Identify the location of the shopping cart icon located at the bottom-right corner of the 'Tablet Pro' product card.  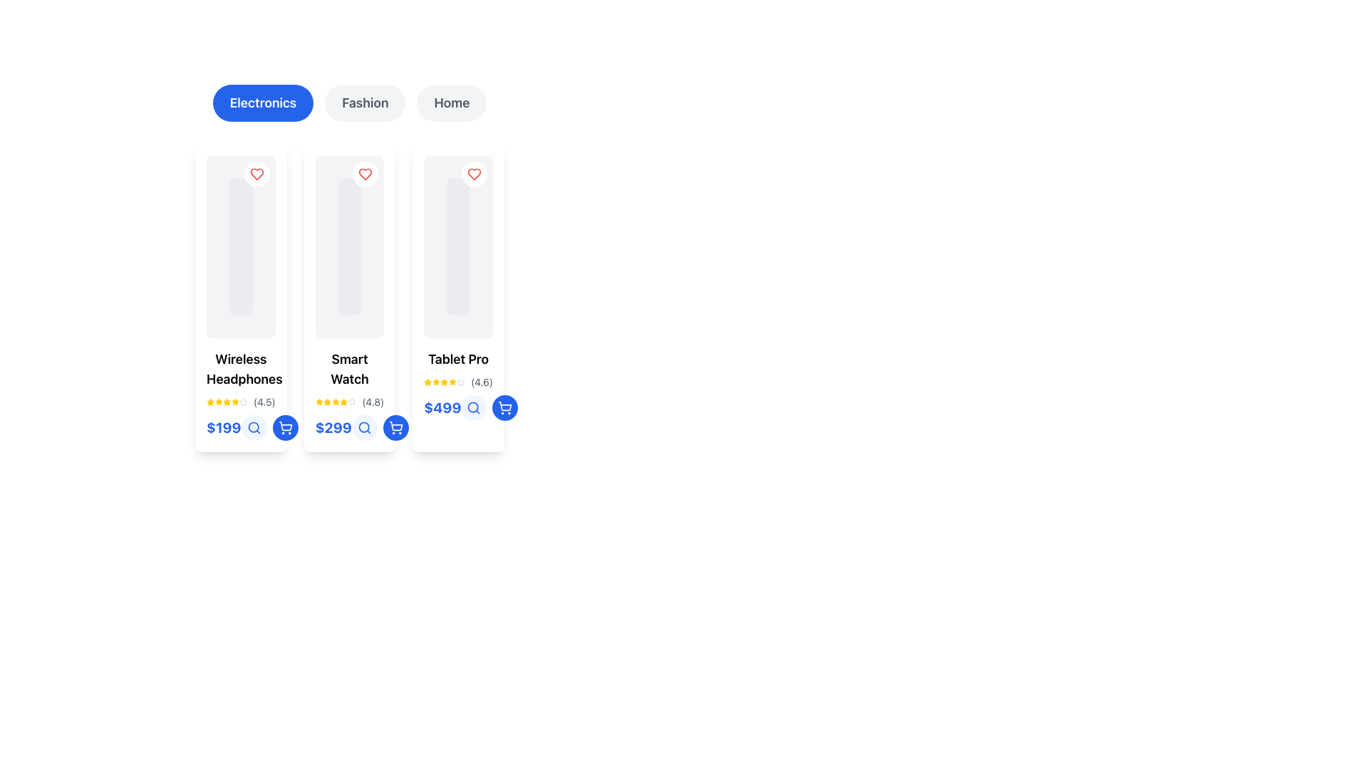
(285, 425).